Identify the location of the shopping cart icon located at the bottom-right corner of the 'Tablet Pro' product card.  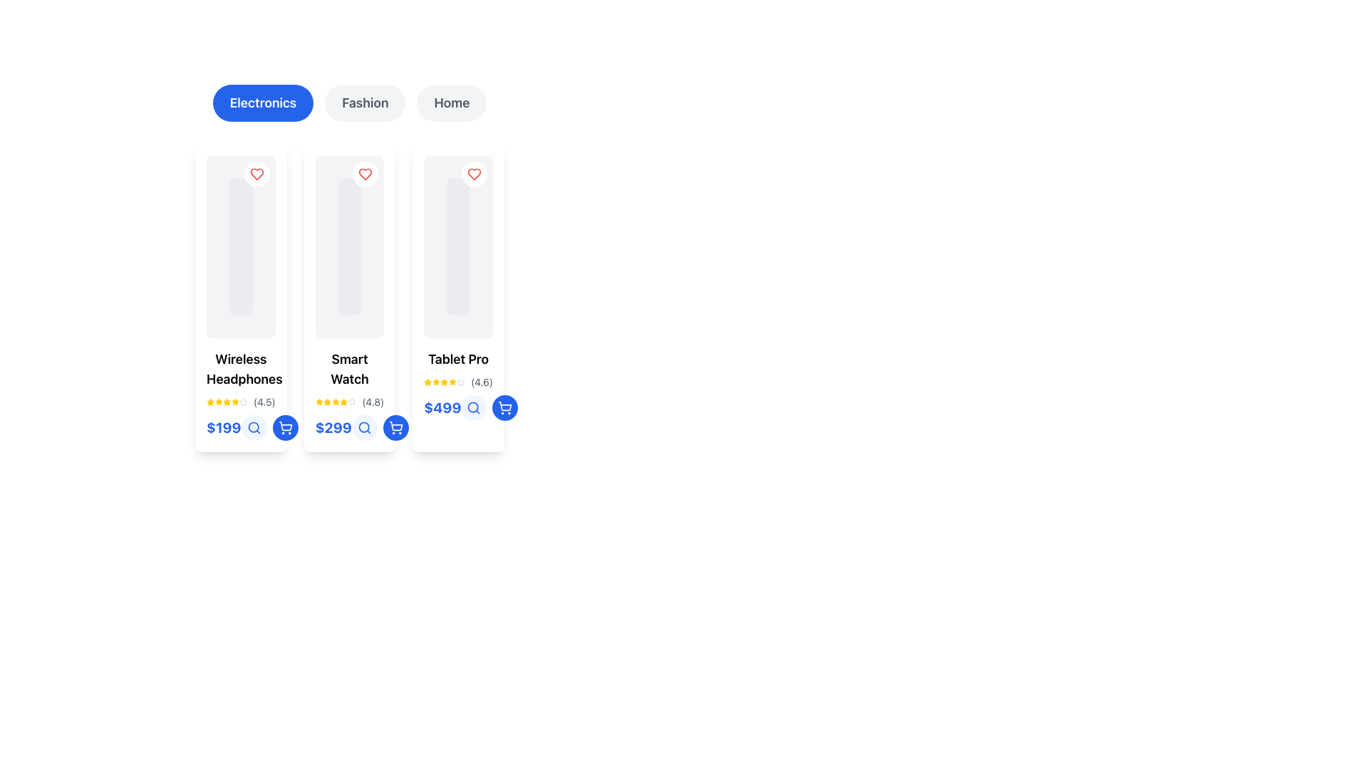
(285, 425).